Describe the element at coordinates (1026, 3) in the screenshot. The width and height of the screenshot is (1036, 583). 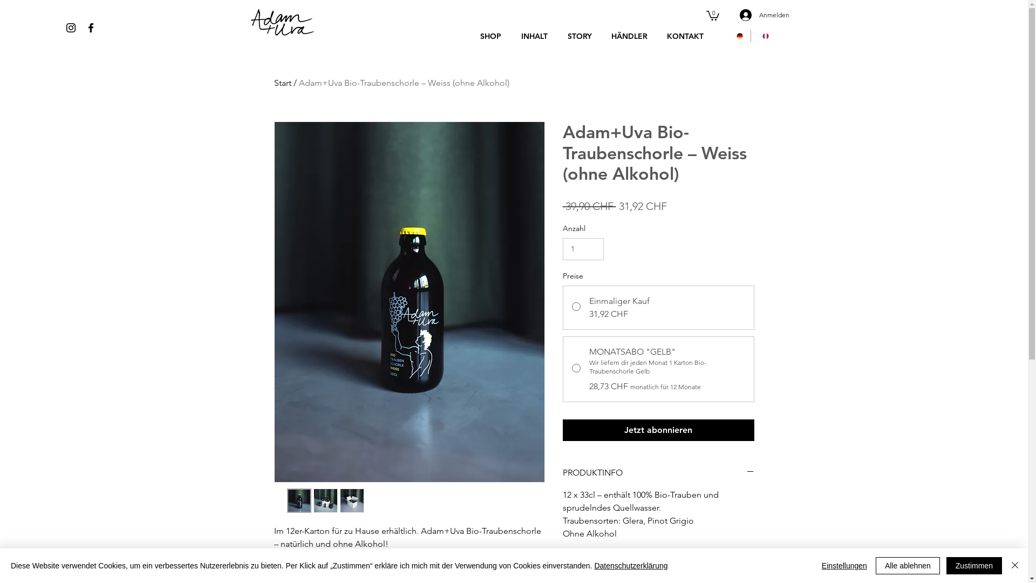
I see `'Visitor Analytics'` at that location.